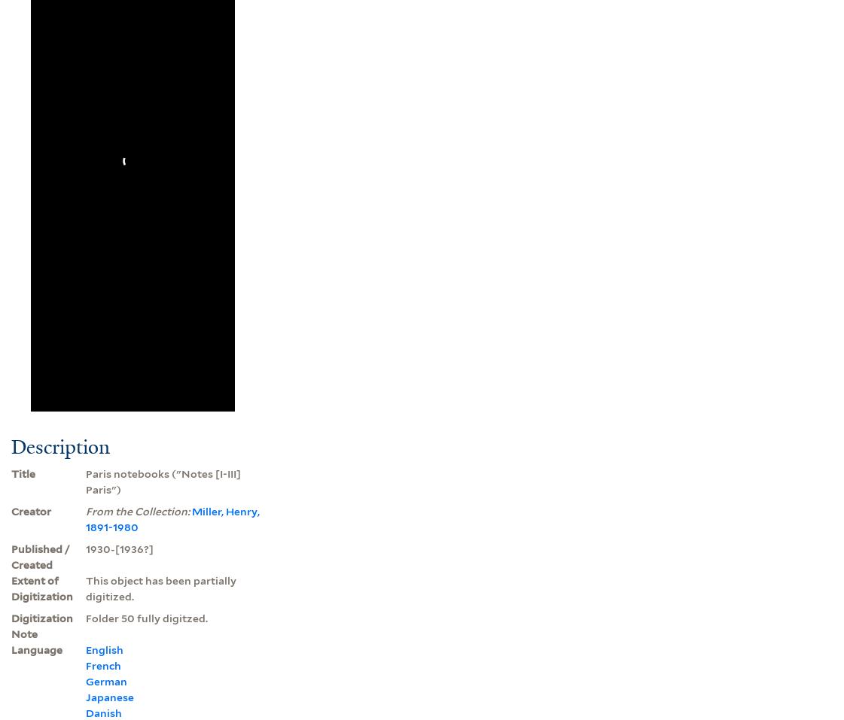 The width and height of the screenshot is (844, 720). Describe the element at coordinates (11, 556) in the screenshot. I see `'Published / Created'` at that location.